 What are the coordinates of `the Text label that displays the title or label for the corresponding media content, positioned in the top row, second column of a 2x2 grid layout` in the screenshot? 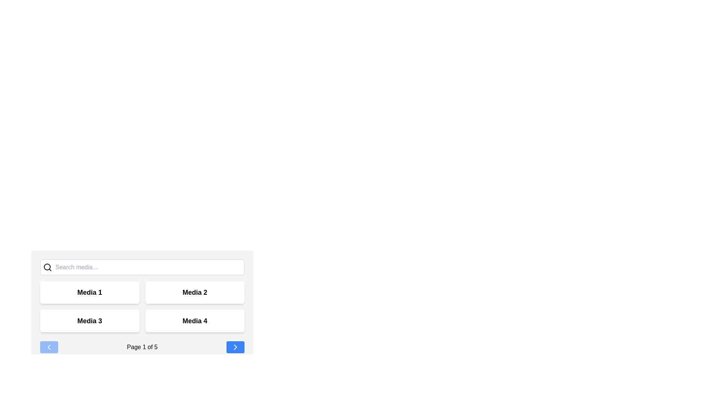 It's located at (195, 292).